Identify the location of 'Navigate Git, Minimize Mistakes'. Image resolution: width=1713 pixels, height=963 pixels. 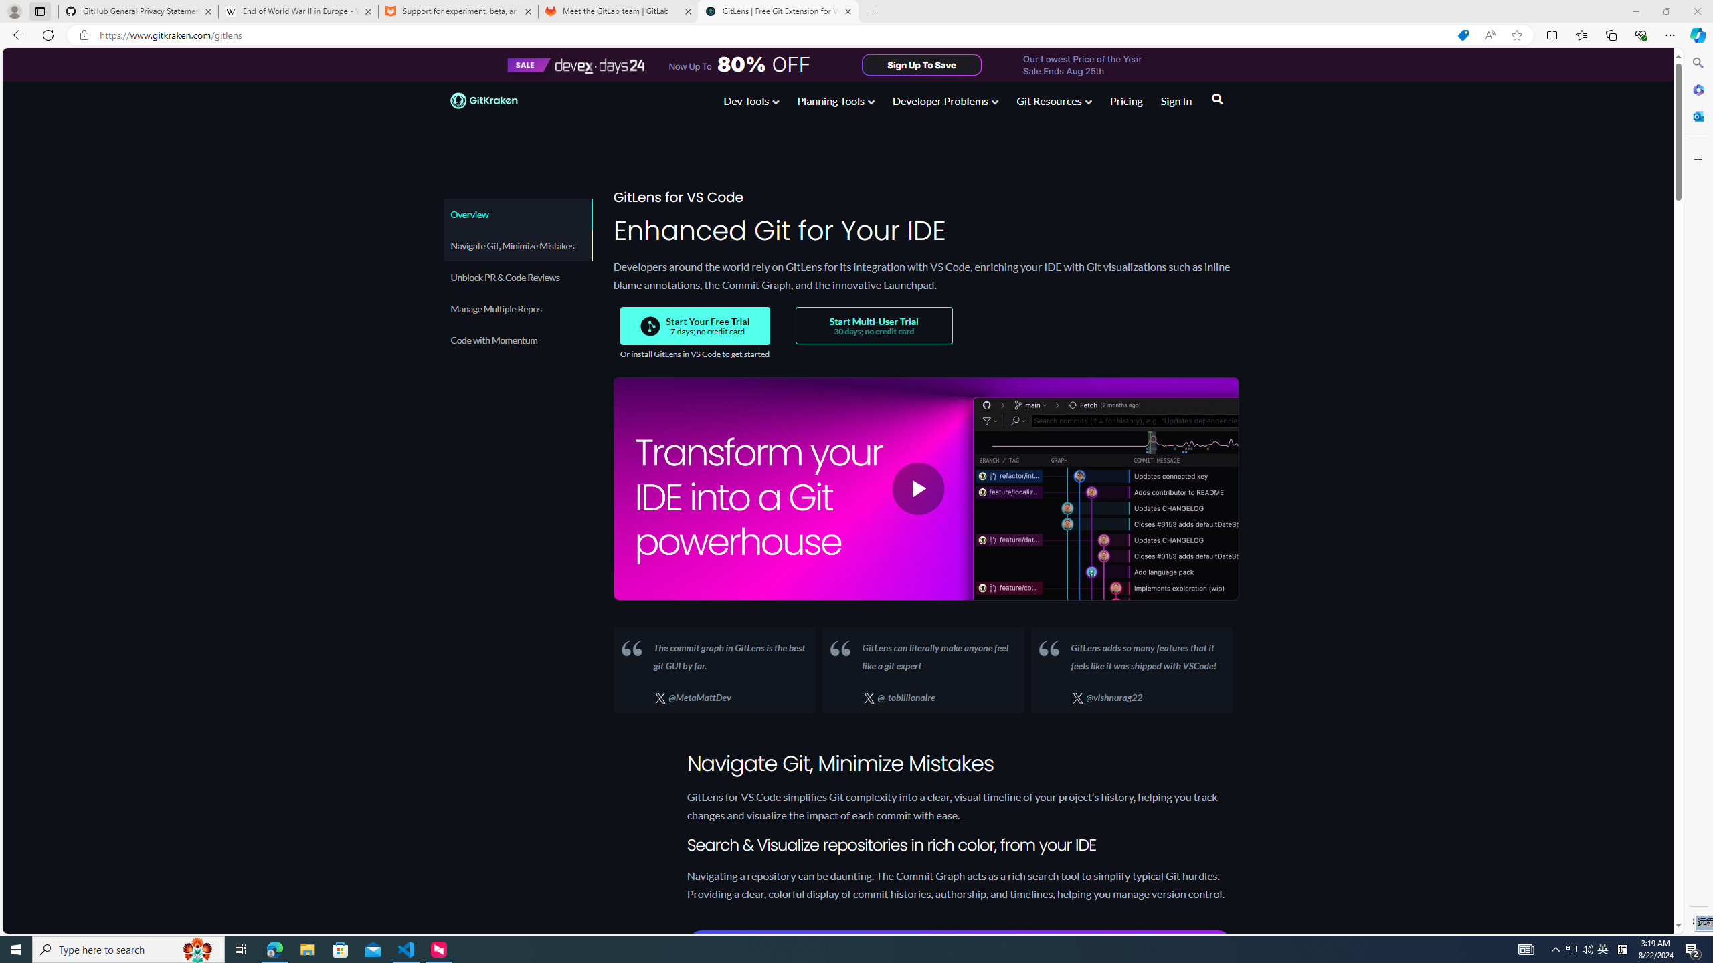
(517, 245).